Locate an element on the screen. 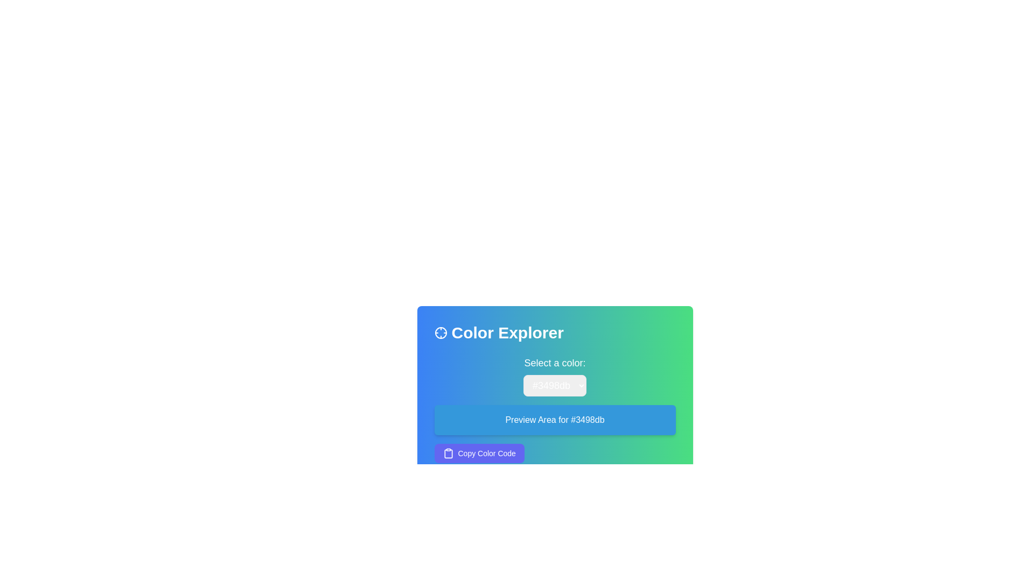 Image resolution: width=1034 pixels, height=581 pixels. the rectangular button with a blue background labeled 'Copy Color Code' located below the 'Preview Area for #3498db' text in the Color Explorer section is located at coordinates (479, 454).